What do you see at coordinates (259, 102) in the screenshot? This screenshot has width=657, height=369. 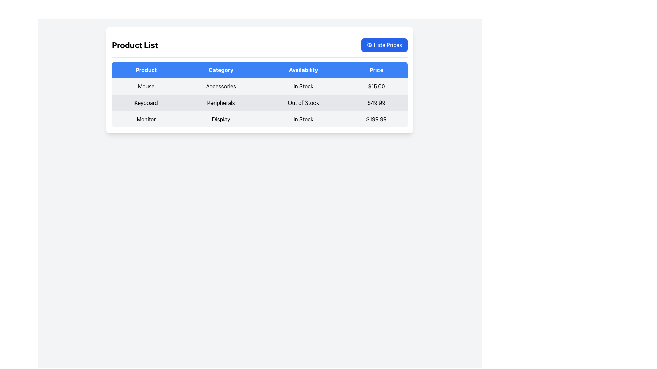 I see `the second table row displaying product details, which includes 'Keyboard' in the Product column, 'Peripherals' in the Category column, 'Out of Stock' in the Availability column, and '$49.99' in the Price column` at bounding box center [259, 102].